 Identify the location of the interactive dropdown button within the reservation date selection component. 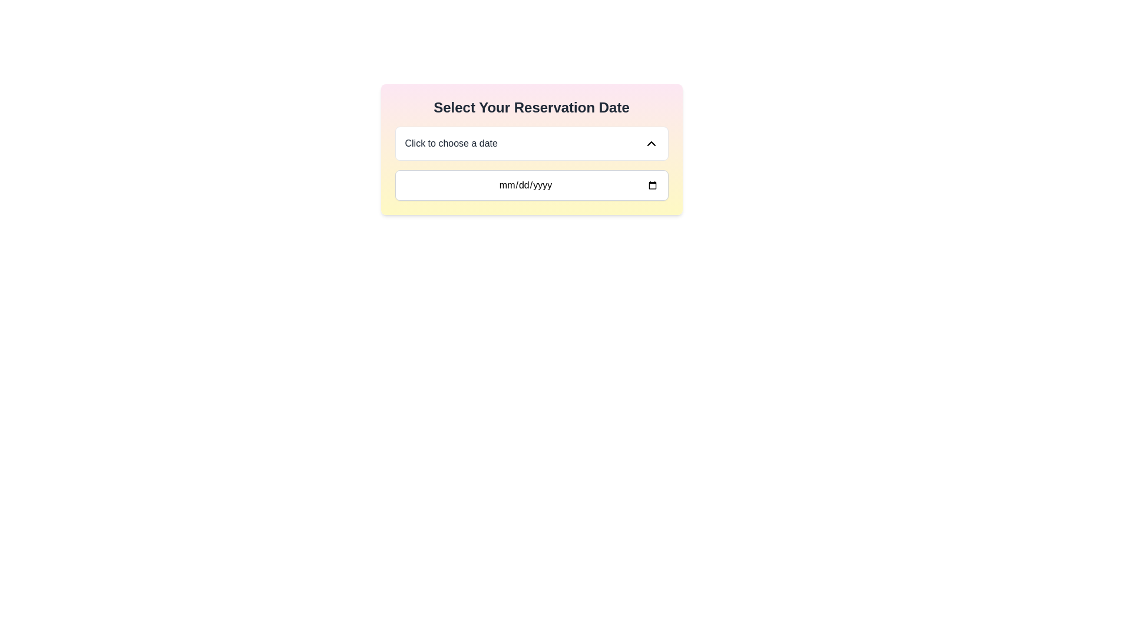
(531, 149).